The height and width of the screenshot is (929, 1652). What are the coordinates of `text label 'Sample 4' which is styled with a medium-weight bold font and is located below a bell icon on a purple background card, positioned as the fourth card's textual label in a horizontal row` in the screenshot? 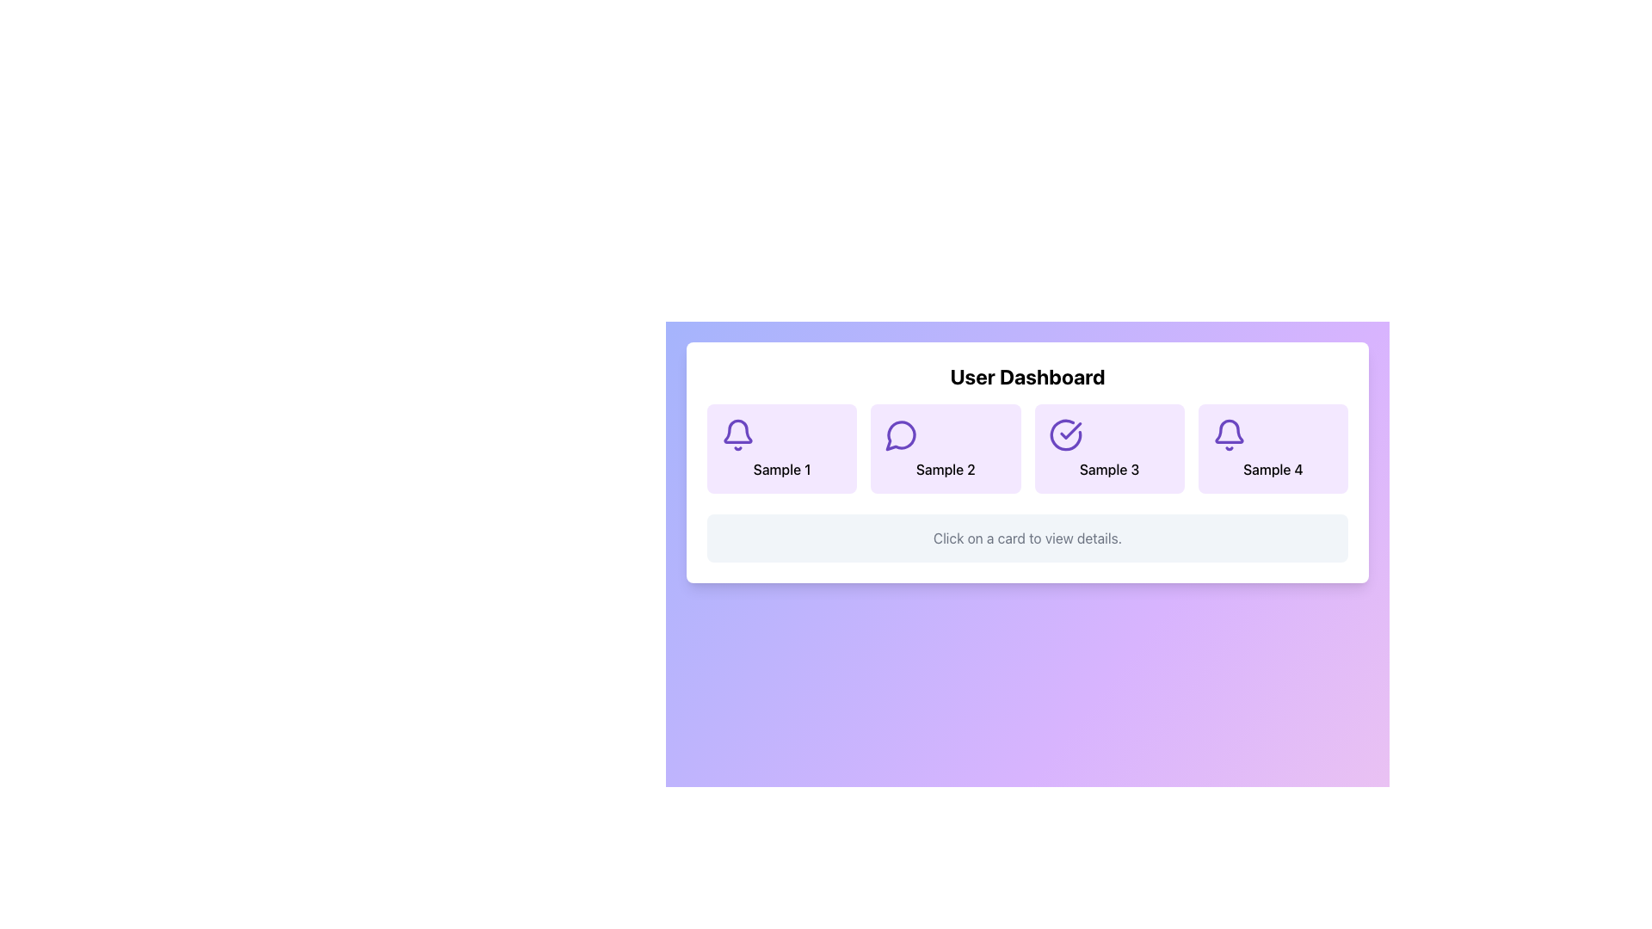 It's located at (1273, 470).